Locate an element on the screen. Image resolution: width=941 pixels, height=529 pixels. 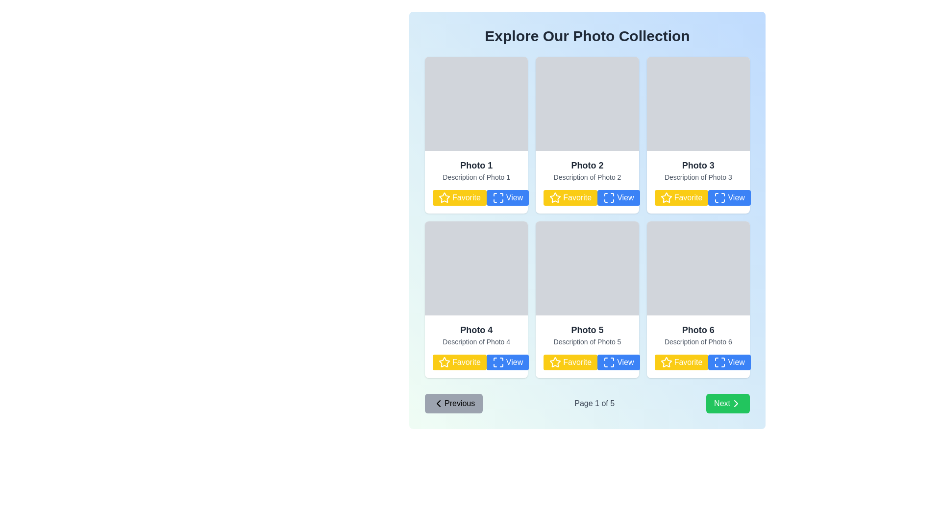
the text label styled with 'text-gray-600 text-sm' that reads 'Description of Photo 6', located below the heading 'Photo 6' and above the options 'Favorite' and 'View' is located at coordinates (697, 341).